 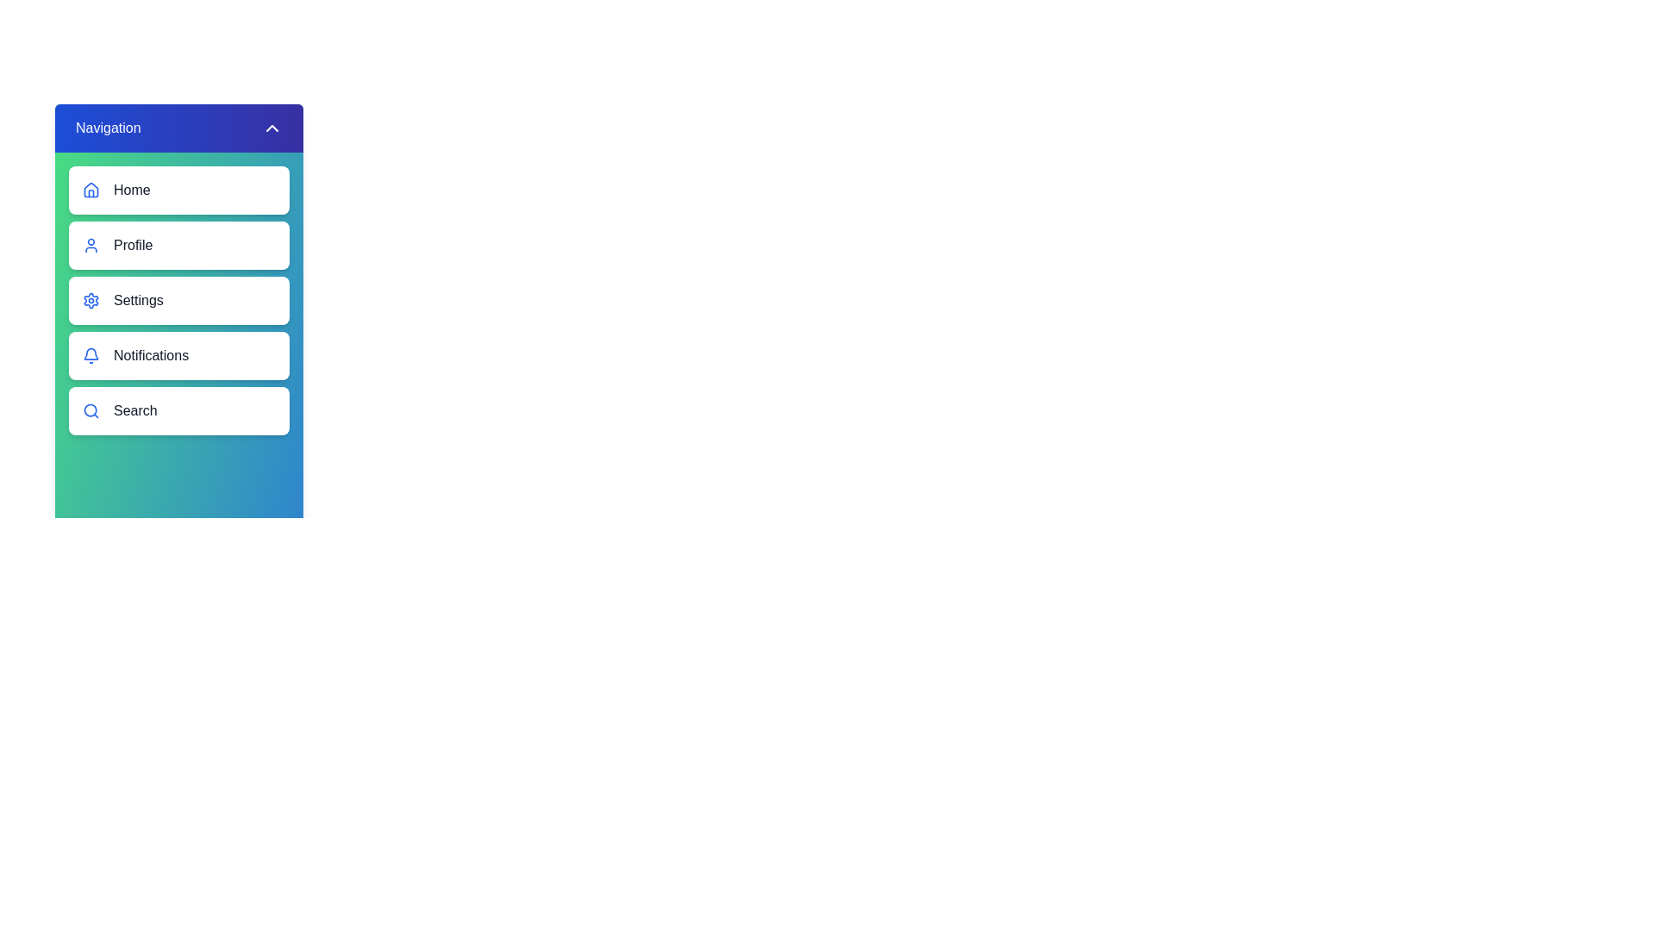 I want to click on the cog-shaped settings icon located centrally in its designated area, so click(x=90, y=299).